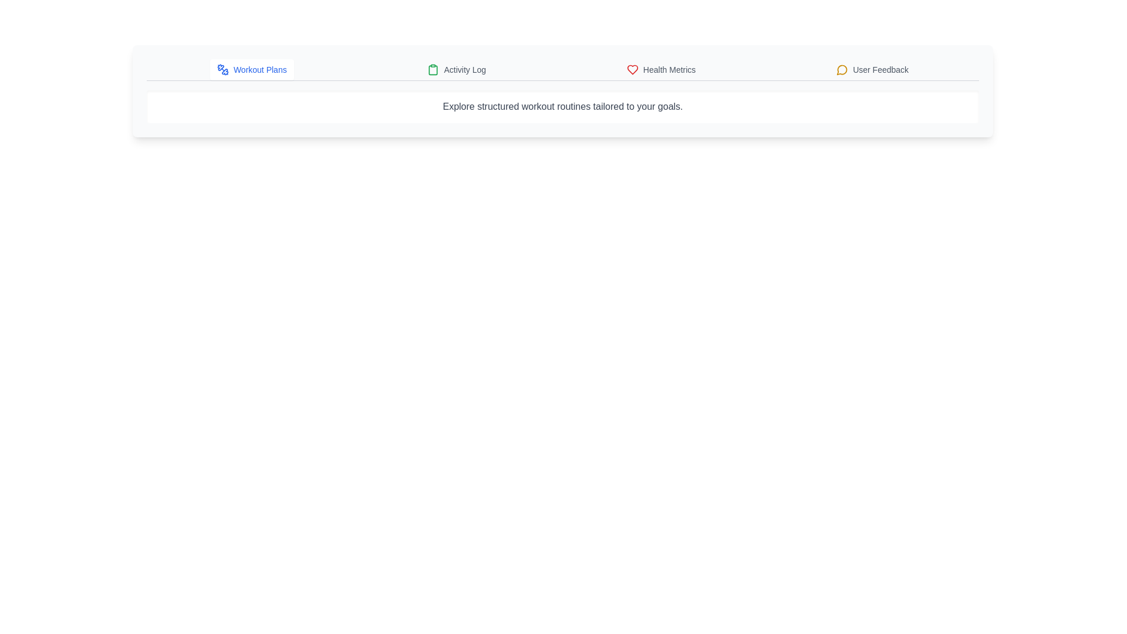 Image resolution: width=1127 pixels, height=634 pixels. Describe the element at coordinates (456, 70) in the screenshot. I see `the second tab in the navigation bar` at that location.